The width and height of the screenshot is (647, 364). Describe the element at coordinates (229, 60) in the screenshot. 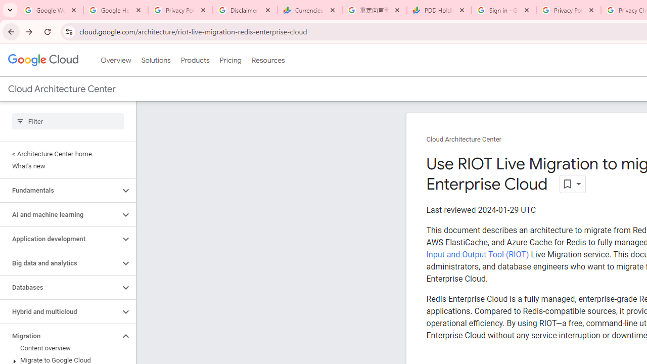

I see `'Pricing'` at that location.